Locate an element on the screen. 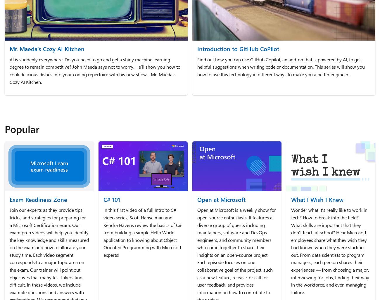 The image size is (380, 300). 'Popular' is located at coordinates (22, 128).